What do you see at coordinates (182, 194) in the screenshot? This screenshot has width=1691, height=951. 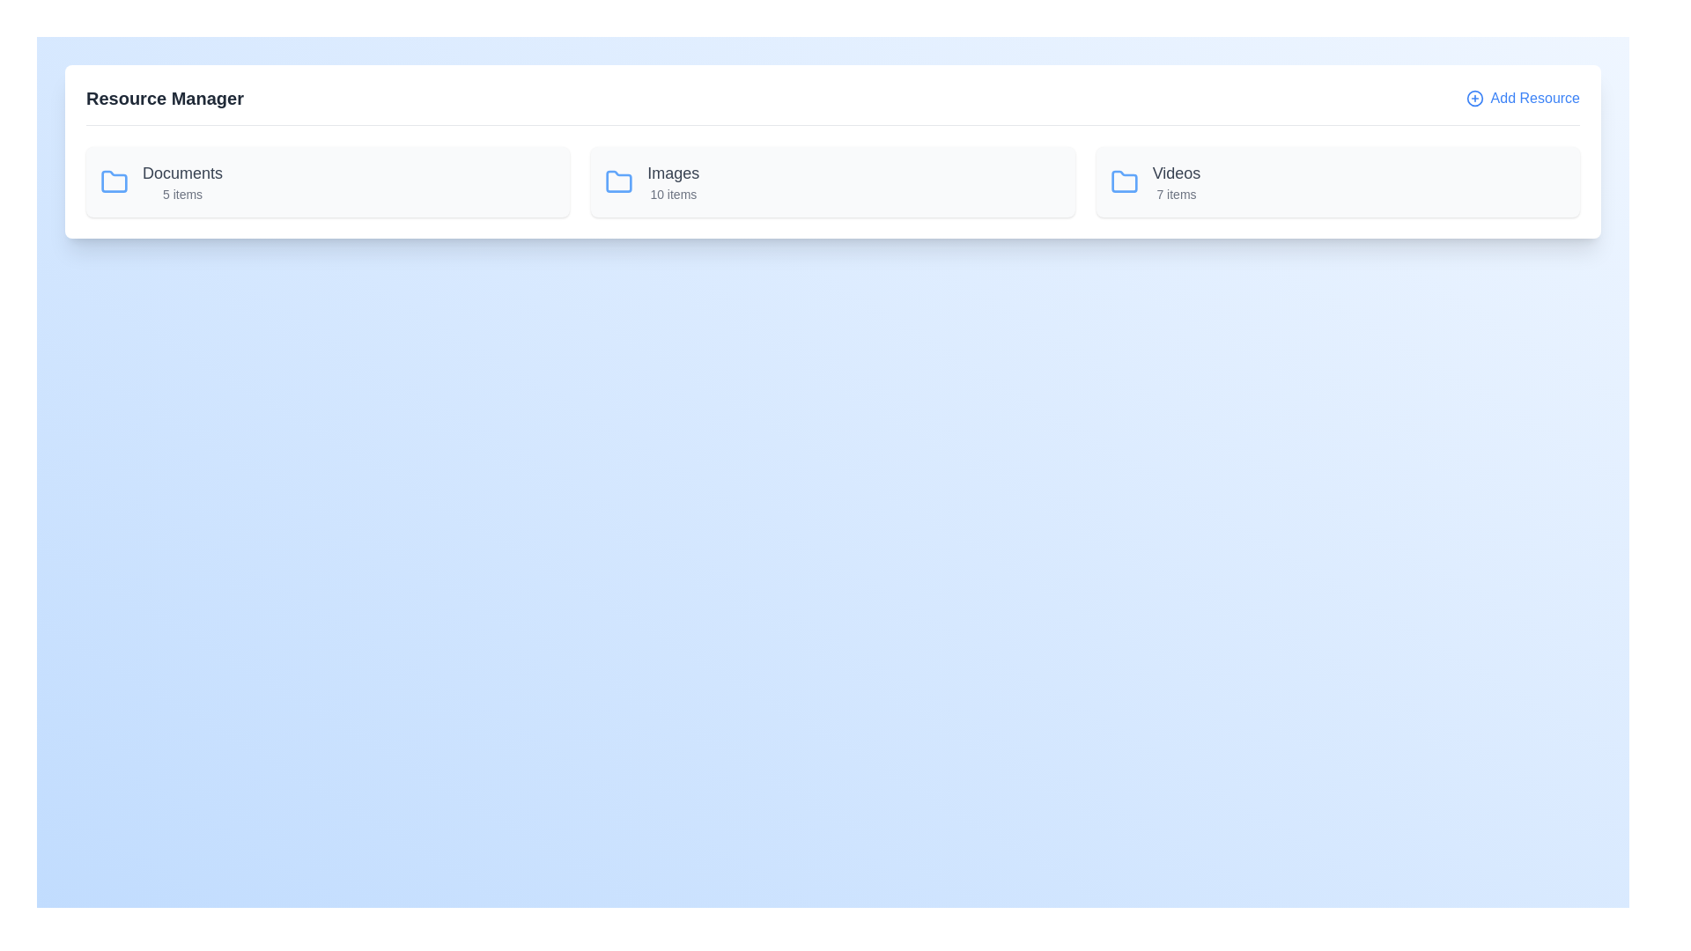 I see `the text label that reads '5 items', which is styled in gray and positioned under the 'Documents' header in the Resource Manager section` at bounding box center [182, 194].